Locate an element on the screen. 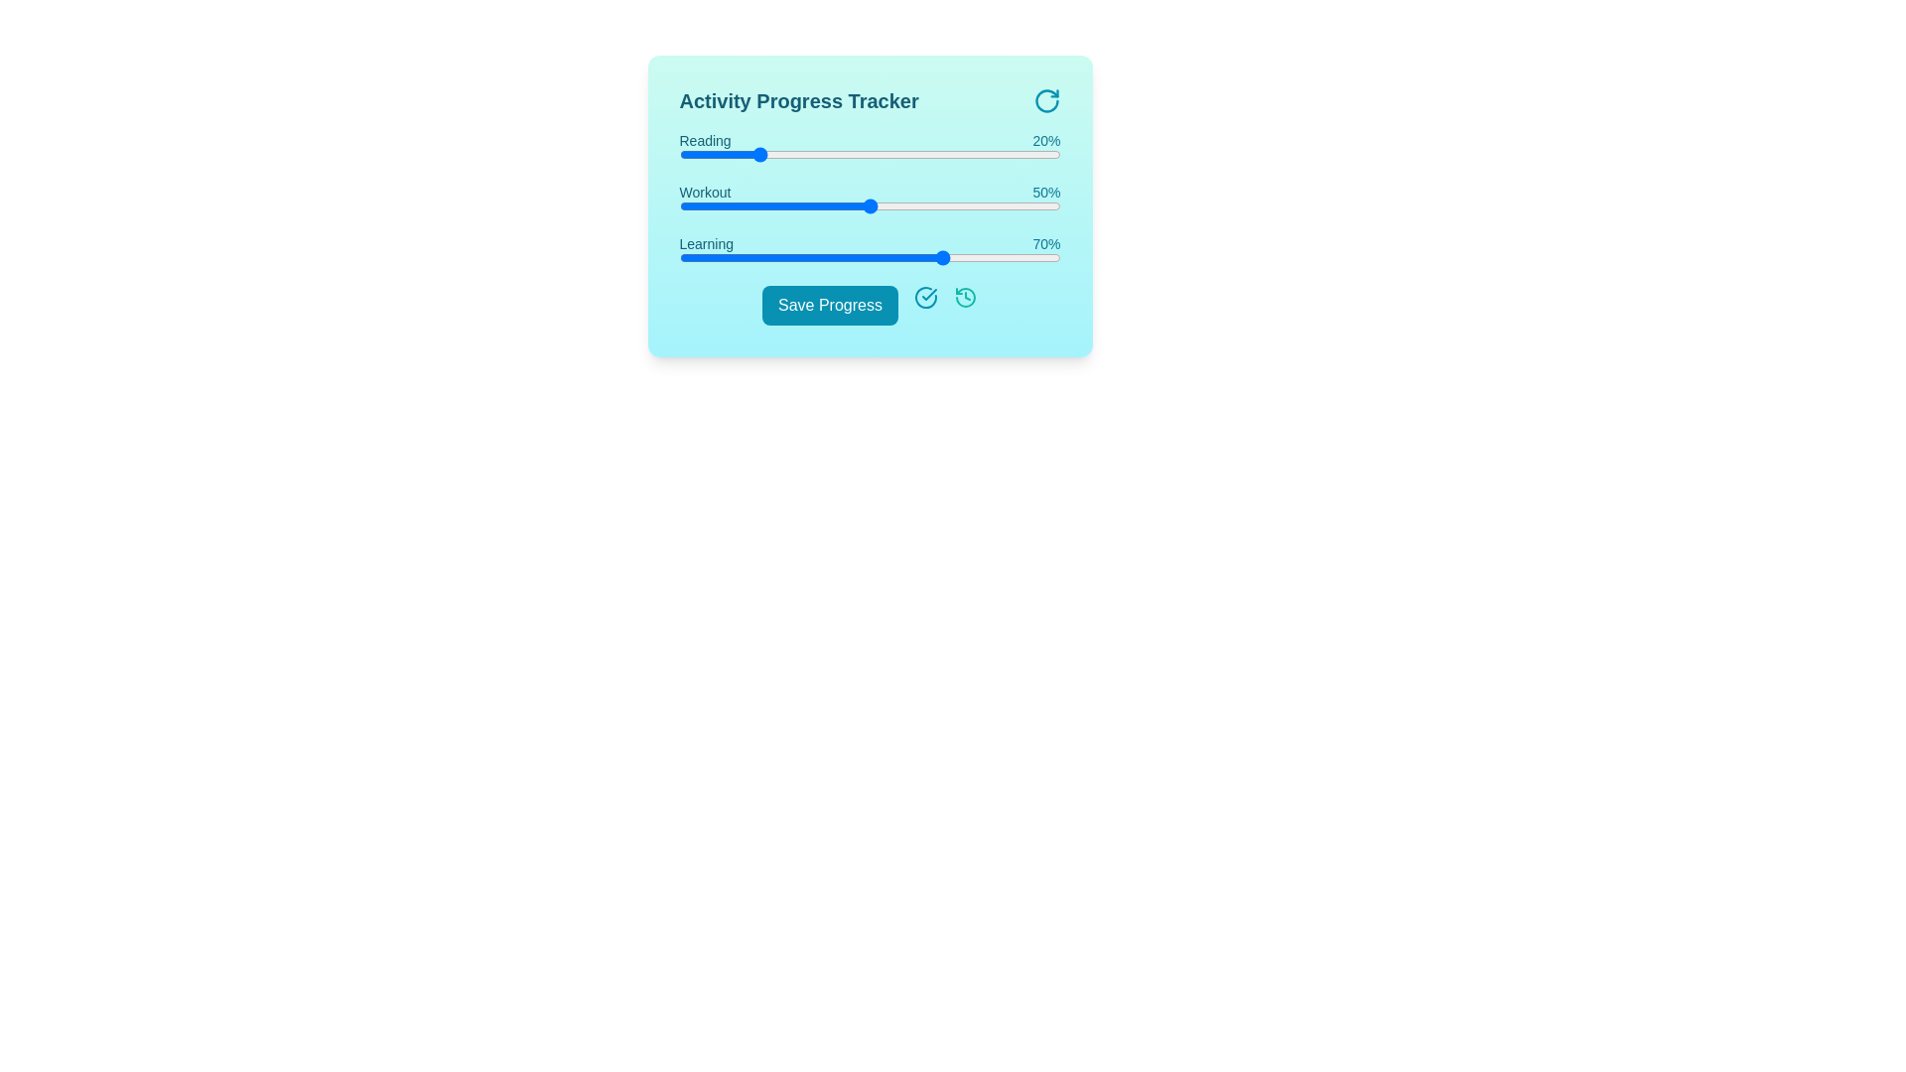  the refresh icon in the header to refresh the progress data is located at coordinates (1045, 100).